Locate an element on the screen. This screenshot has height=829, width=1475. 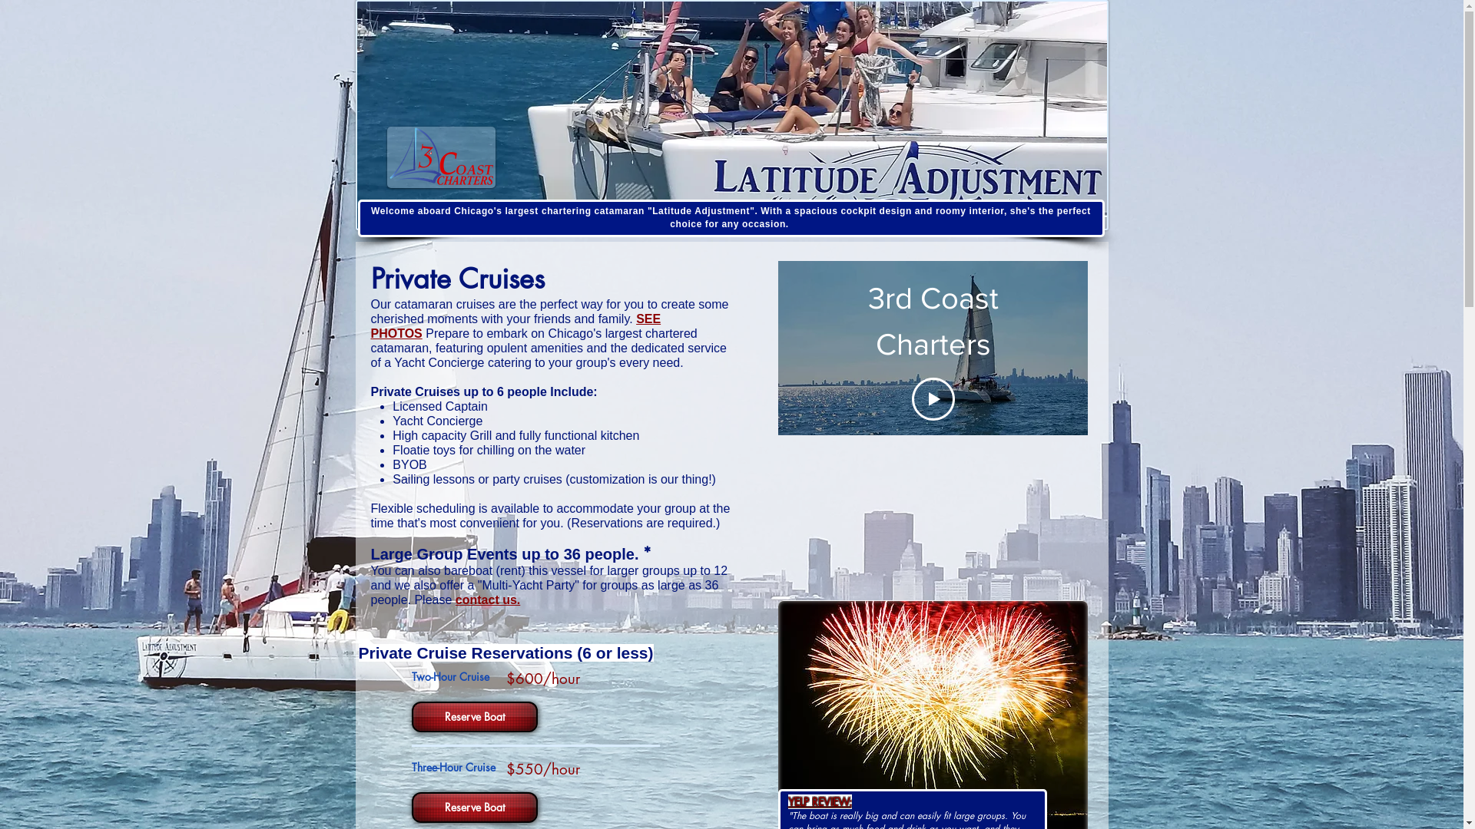
'Reserve Boat' is located at coordinates (472, 716).